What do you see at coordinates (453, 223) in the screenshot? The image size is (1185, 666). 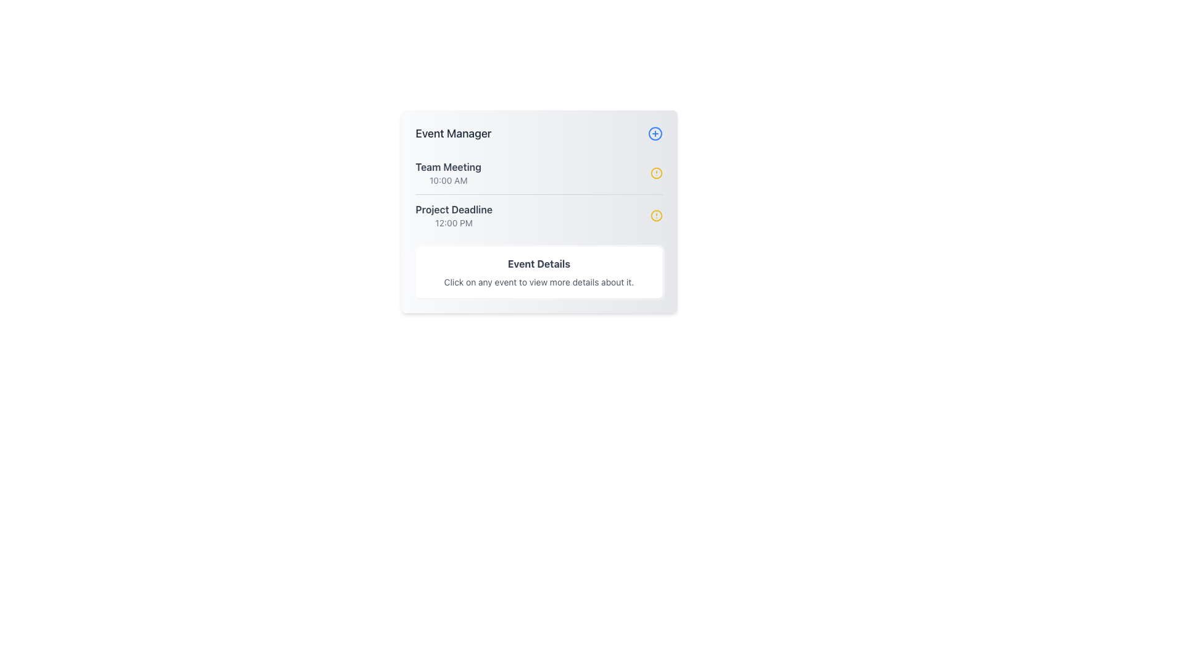 I see `the text label displaying '12:00 PM' in a small gray font, positioned directly below the title 'Project Deadline'` at bounding box center [453, 223].